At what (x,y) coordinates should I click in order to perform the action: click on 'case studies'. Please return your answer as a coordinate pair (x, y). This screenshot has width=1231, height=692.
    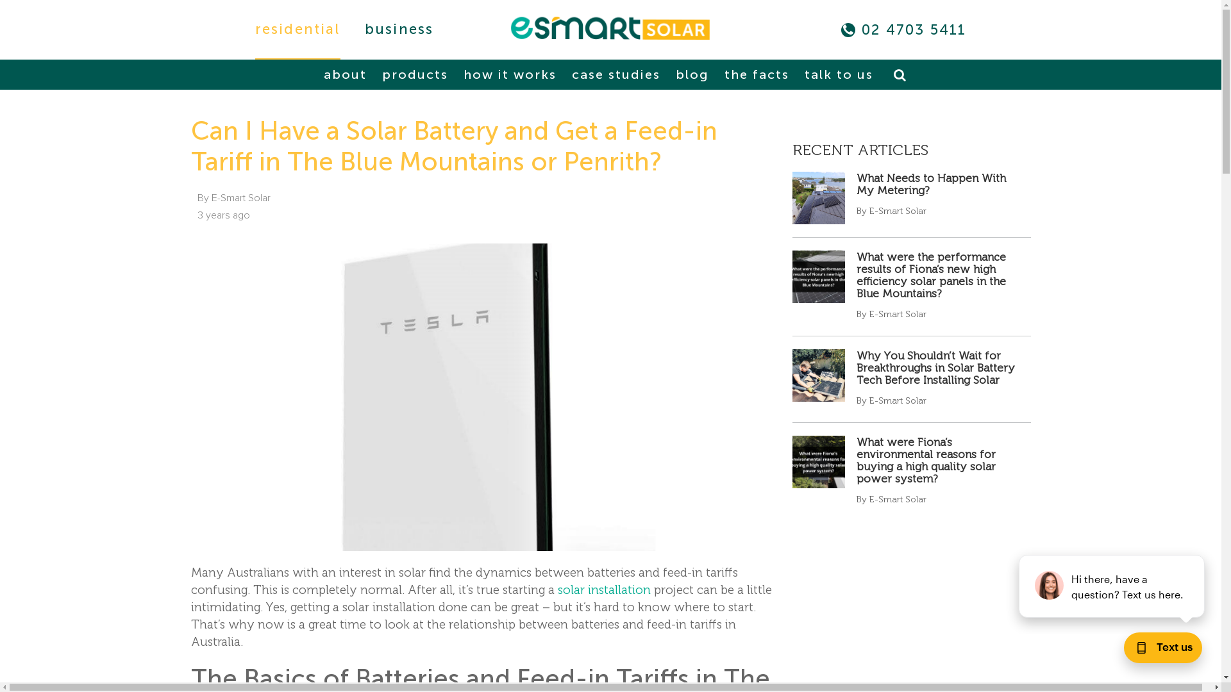
    Looking at the image, I should click on (615, 74).